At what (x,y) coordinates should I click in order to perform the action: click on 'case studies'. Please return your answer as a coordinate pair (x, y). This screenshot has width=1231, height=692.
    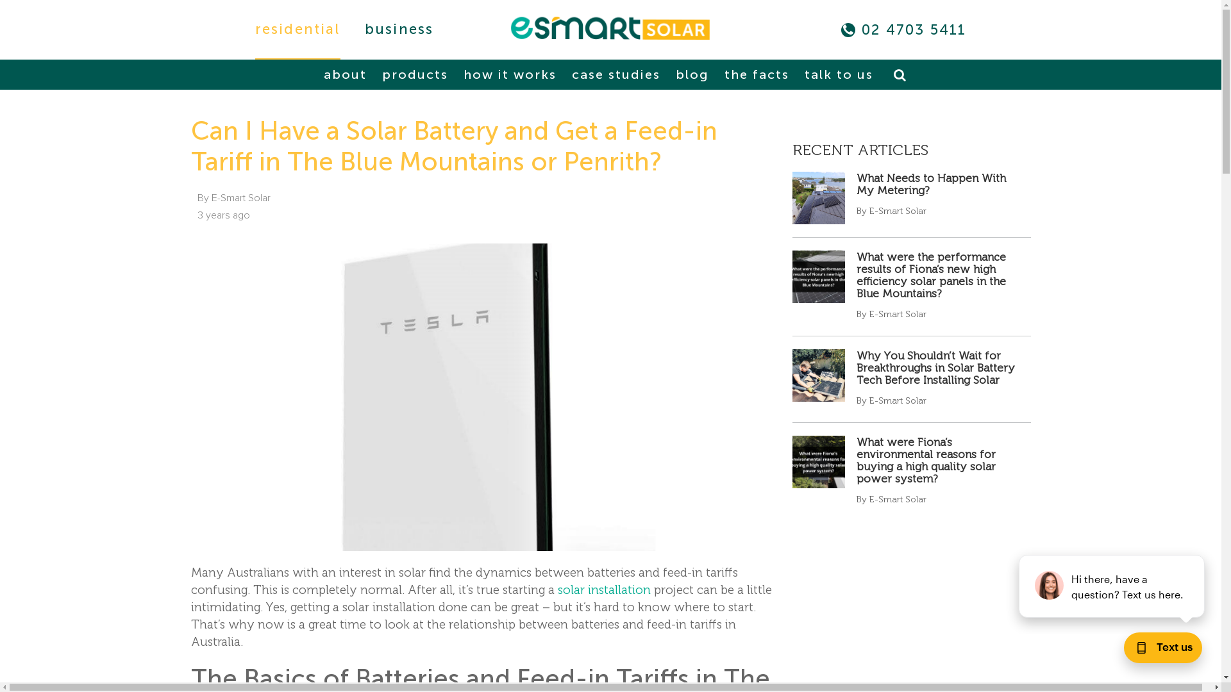
    Looking at the image, I should click on (615, 74).